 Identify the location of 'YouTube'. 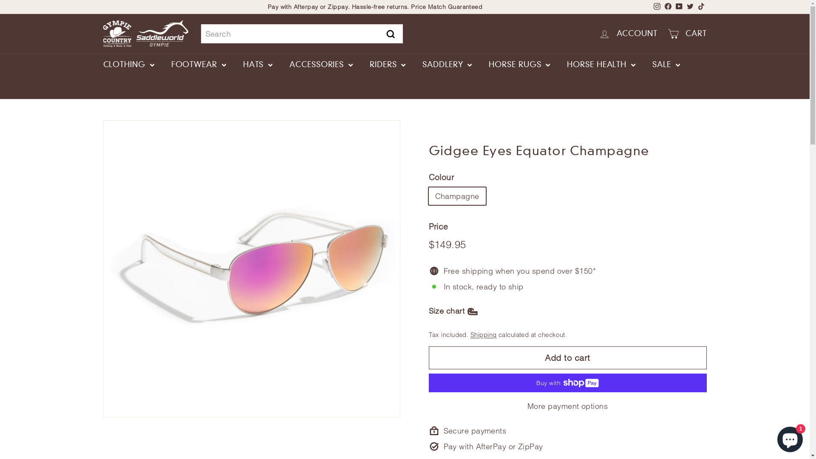
(673, 7).